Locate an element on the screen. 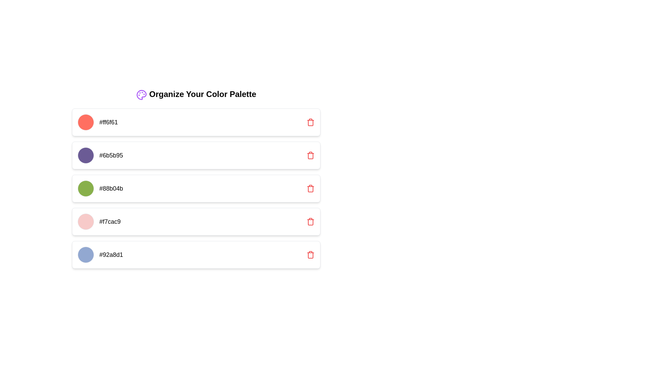 This screenshot has width=649, height=365. the Text label displaying the hexadecimal code for a specific color, which is positioned next to a green circular icon and is the third item in the list under the title 'Organize Your Color Palette' is located at coordinates (111, 188).